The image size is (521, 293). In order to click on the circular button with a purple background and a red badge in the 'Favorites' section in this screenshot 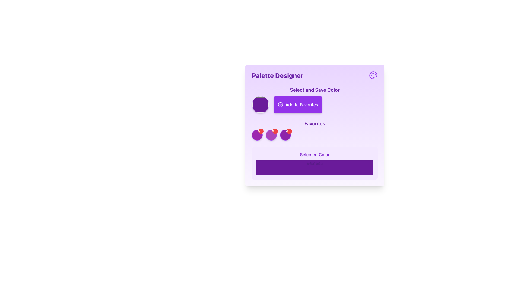, I will do `click(257, 135)`.